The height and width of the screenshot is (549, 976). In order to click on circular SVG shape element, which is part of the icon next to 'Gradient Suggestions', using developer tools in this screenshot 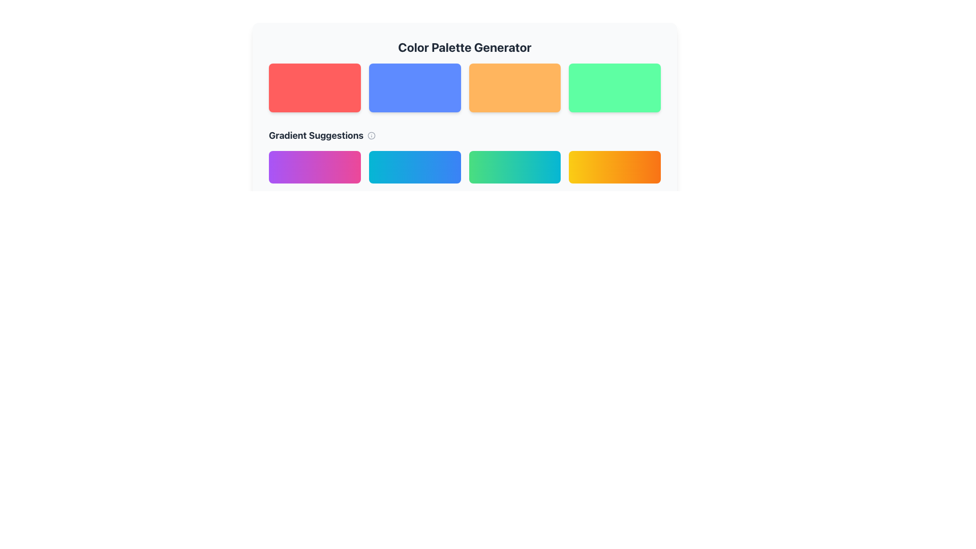, I will do `click(371, 135)`.